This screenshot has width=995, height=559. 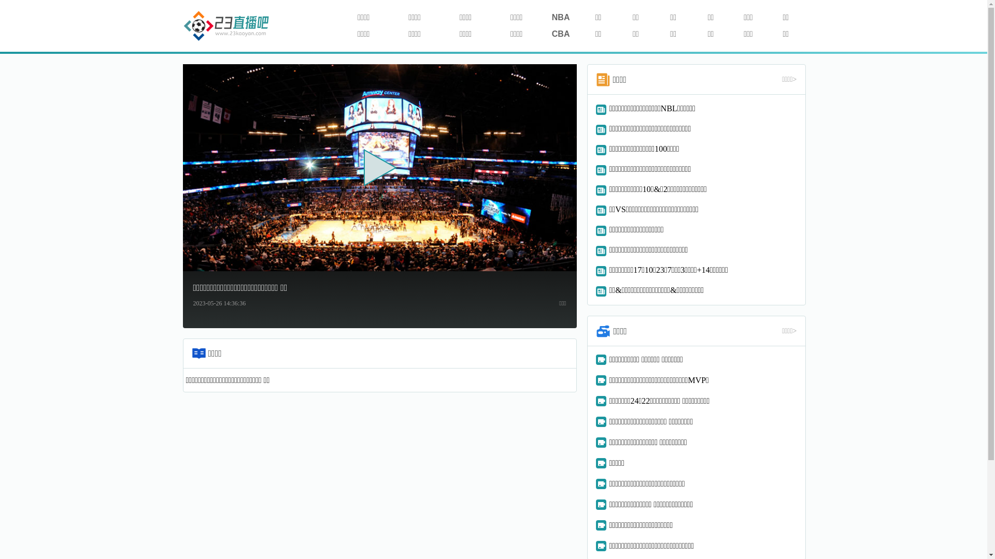 What do you see at coordinates (560, 18) in the screenshot?
I see `'NBA'` at bounding box center [560, 18].